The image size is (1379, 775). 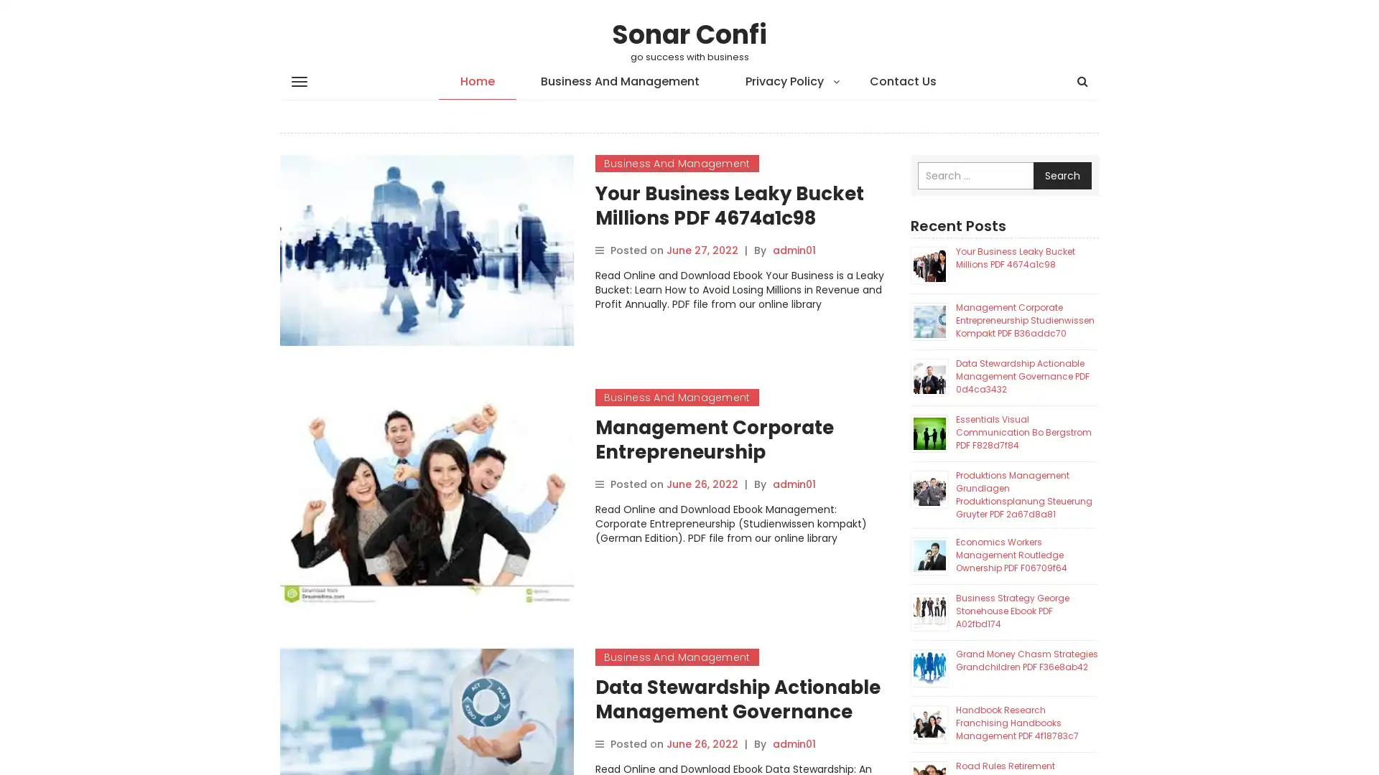 What do you see at coordinates (1062, 175) in the screenshot?
I see `Search` at bounding box center [1062, 175].